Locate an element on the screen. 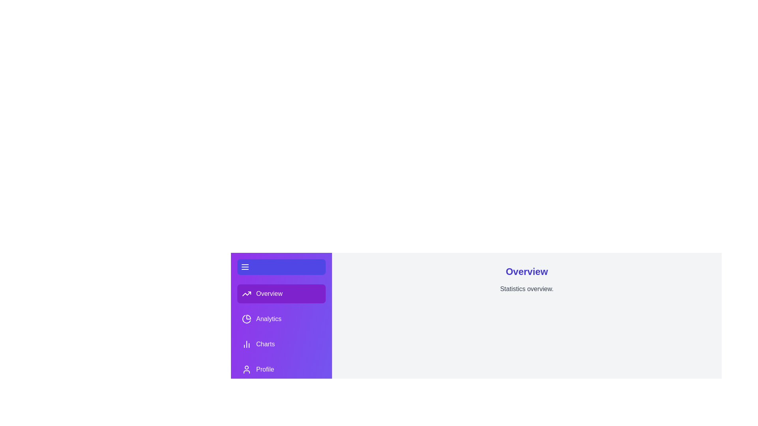  the Charts section from the navigation menu is located at coordinates (281, 344).